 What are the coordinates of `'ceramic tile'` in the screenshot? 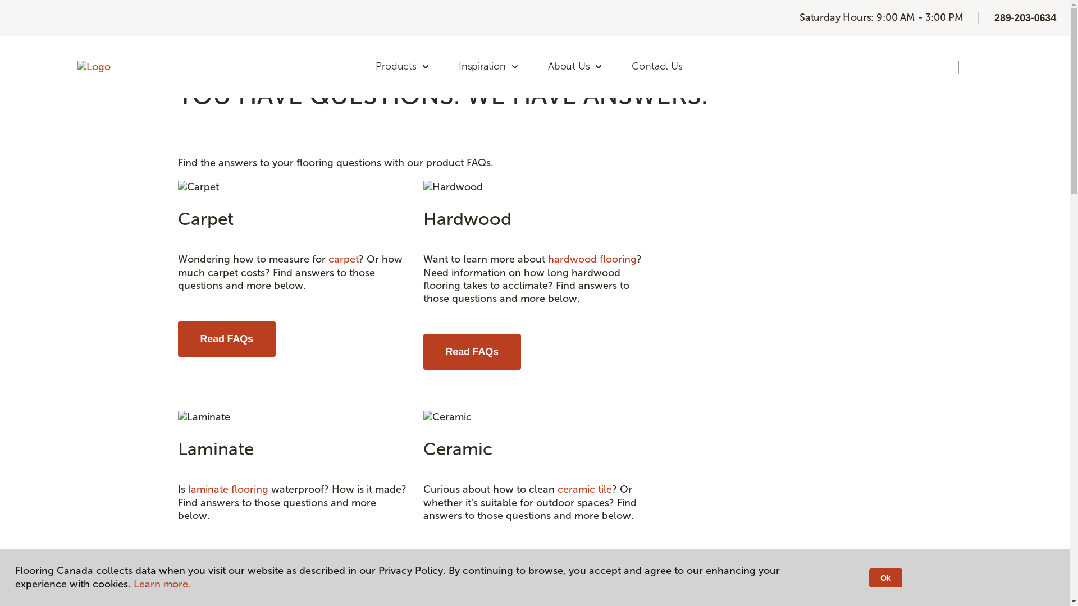 It's located at (584, 488).